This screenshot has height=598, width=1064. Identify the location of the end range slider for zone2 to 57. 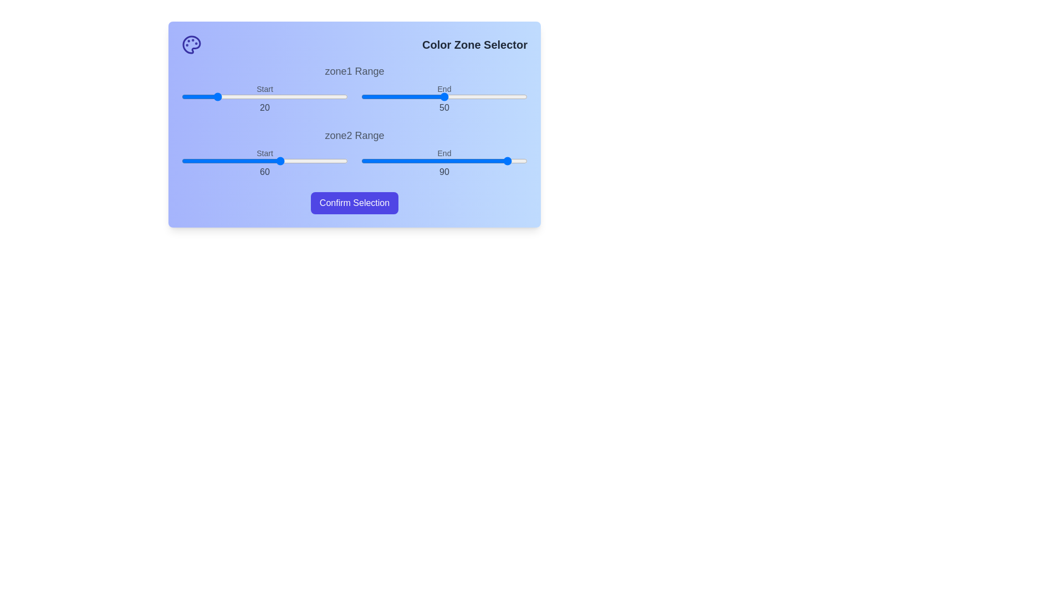
(456, 161).